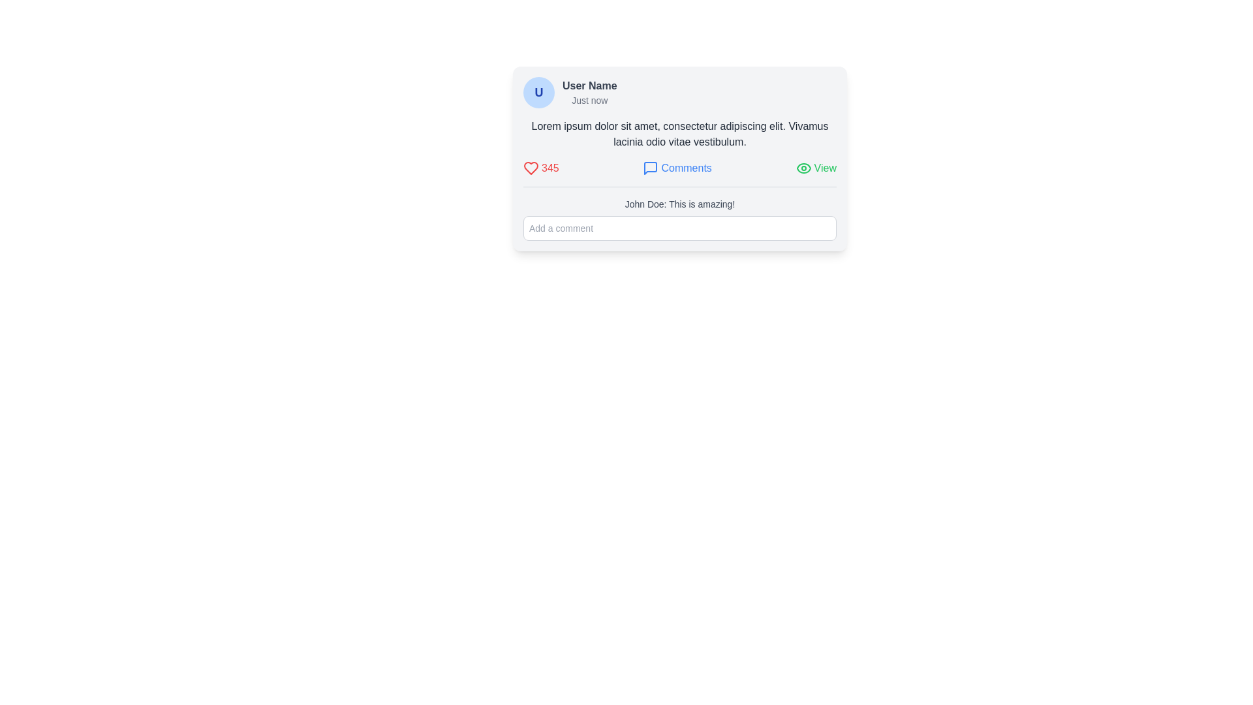  I want to click on the outer ellipse of the eye icon, which is part of a larger design associated with visibility, located slightly to the left of the 'View' label, so click(803, 168).